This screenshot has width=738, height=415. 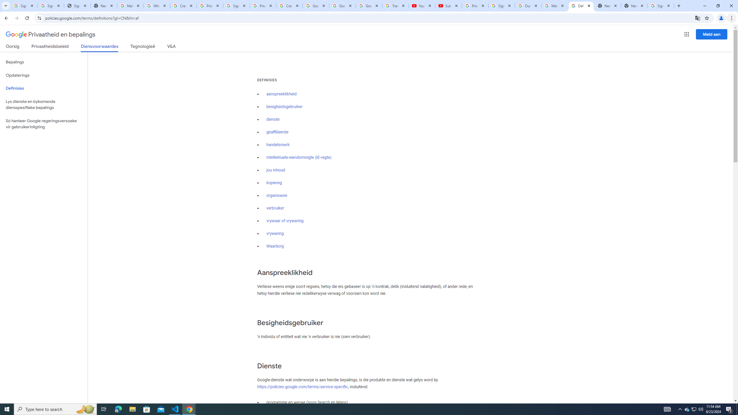 I want to click on 'V&A', so click(x=171, y=47).